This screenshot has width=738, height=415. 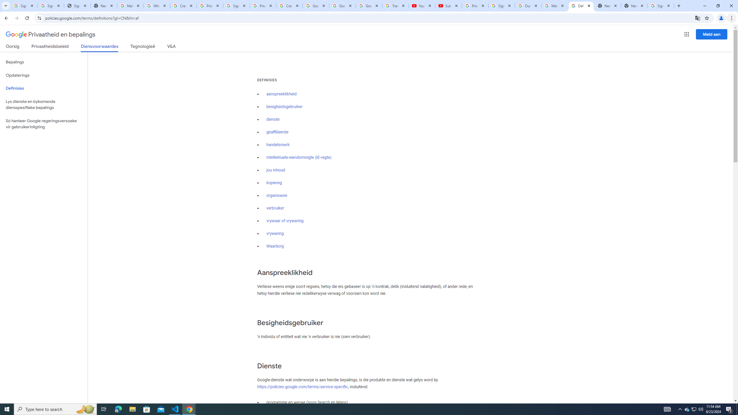 I want to click on 'V&A', so click(x=171, y=47).